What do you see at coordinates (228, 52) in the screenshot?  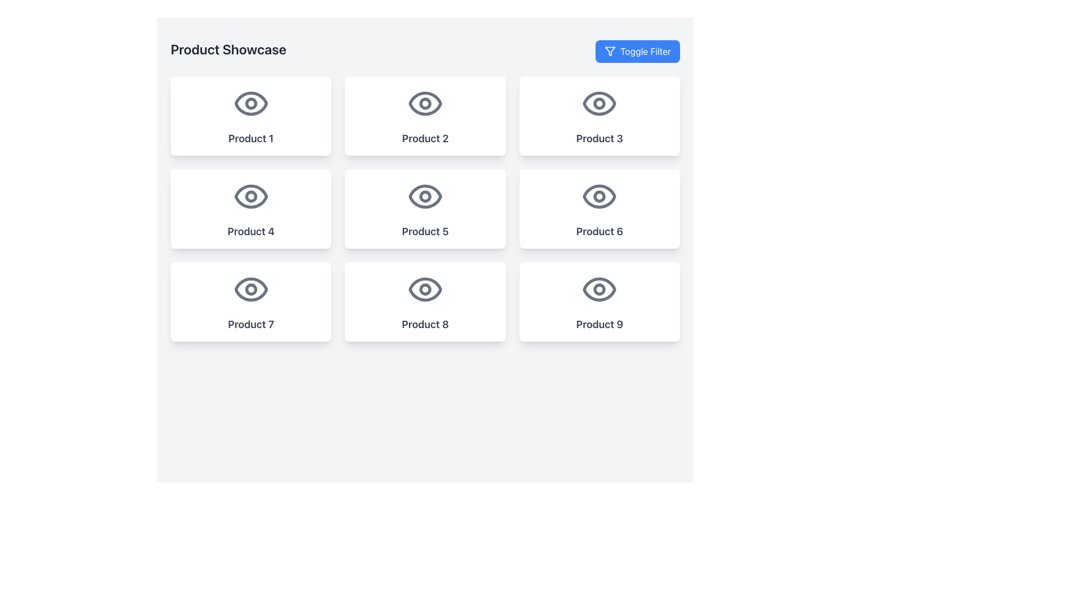 I see `the header text 'Product Showcase', which is styled as 'text-2xl font-semibold' and is dark gray in color, located at the top-left of the section` at bounding box center [228, 52].